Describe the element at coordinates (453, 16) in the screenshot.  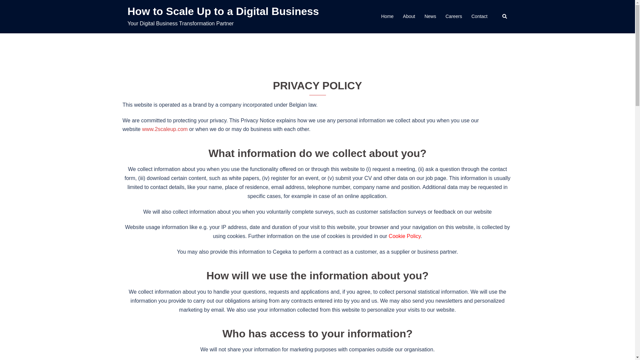
I see `'Careers'` at that location.